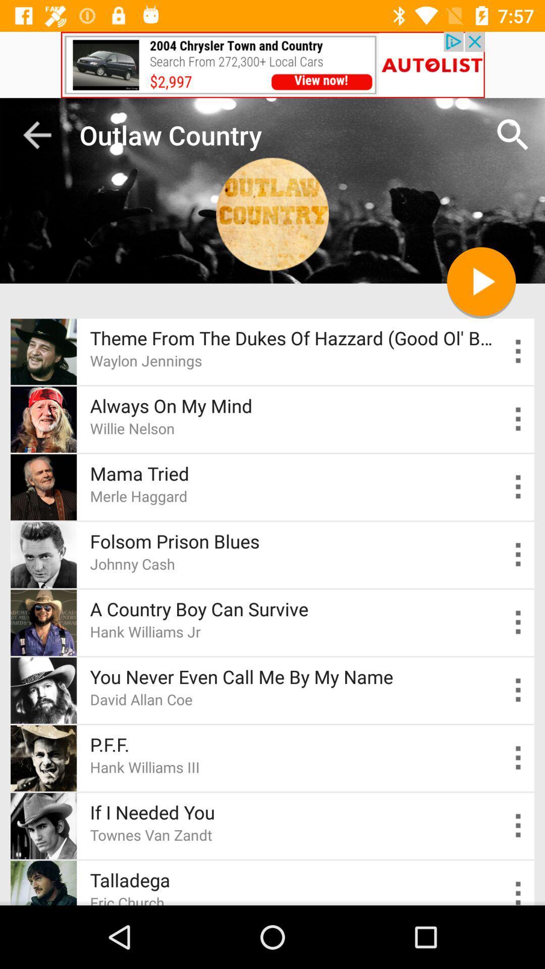 This screenshot has height=969, width=545. I want to click on addition options for this song, so click(518, 690).